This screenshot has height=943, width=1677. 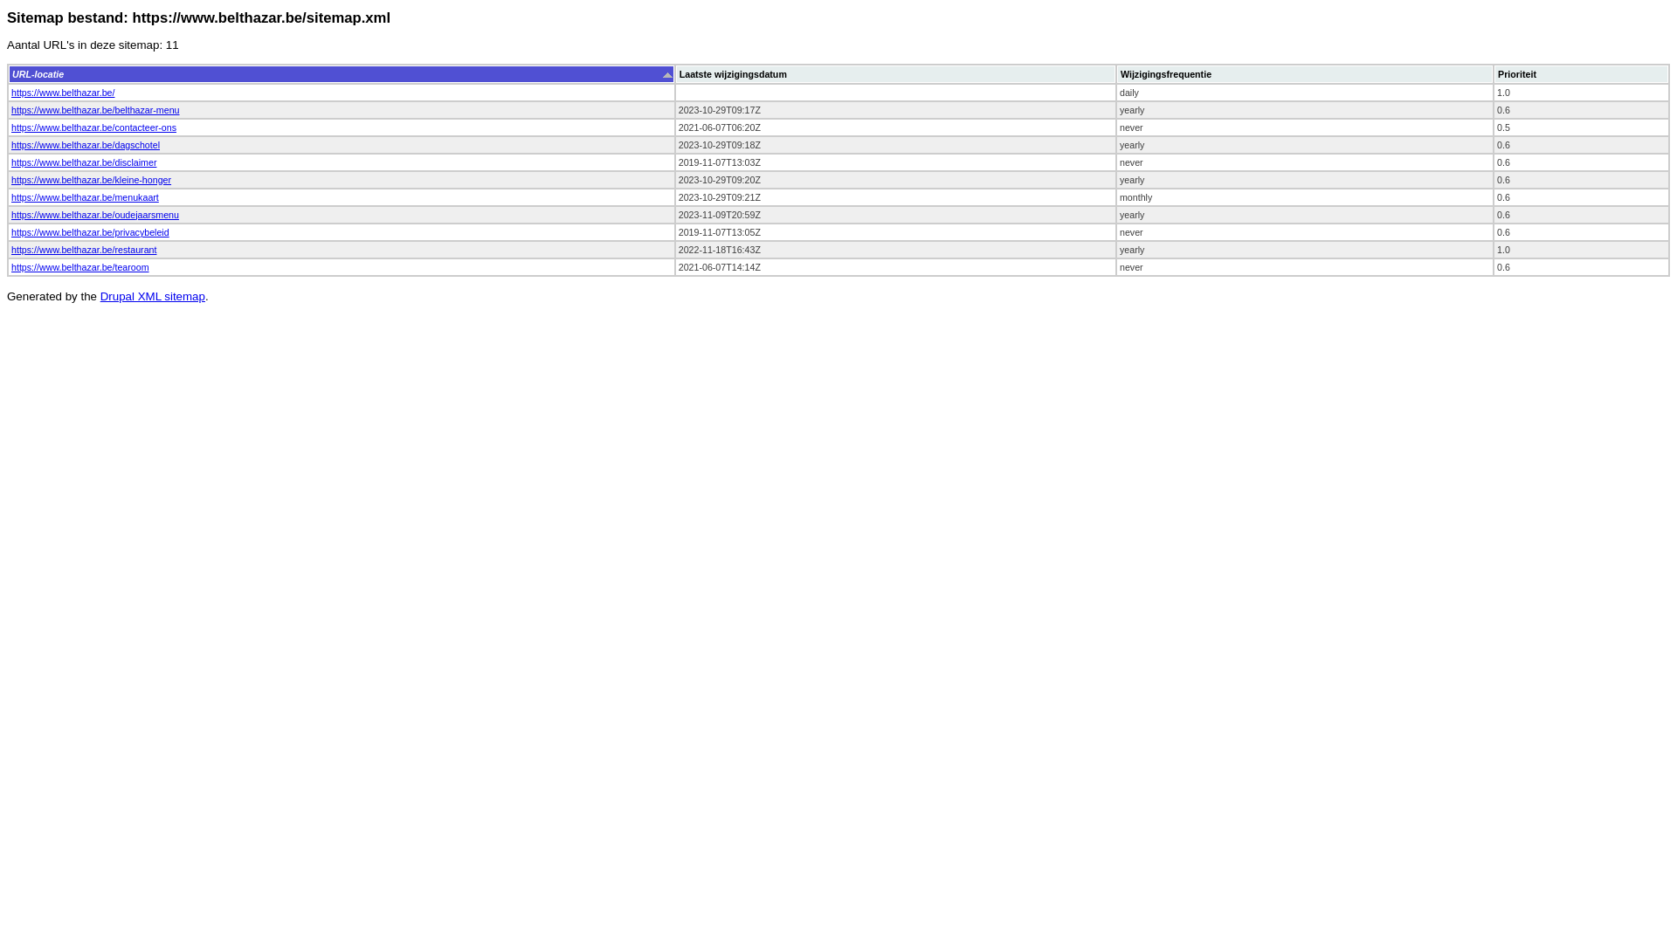 I want to click on 'https://www.belthazar.be/dagschotel', so click(x=84, y=143).